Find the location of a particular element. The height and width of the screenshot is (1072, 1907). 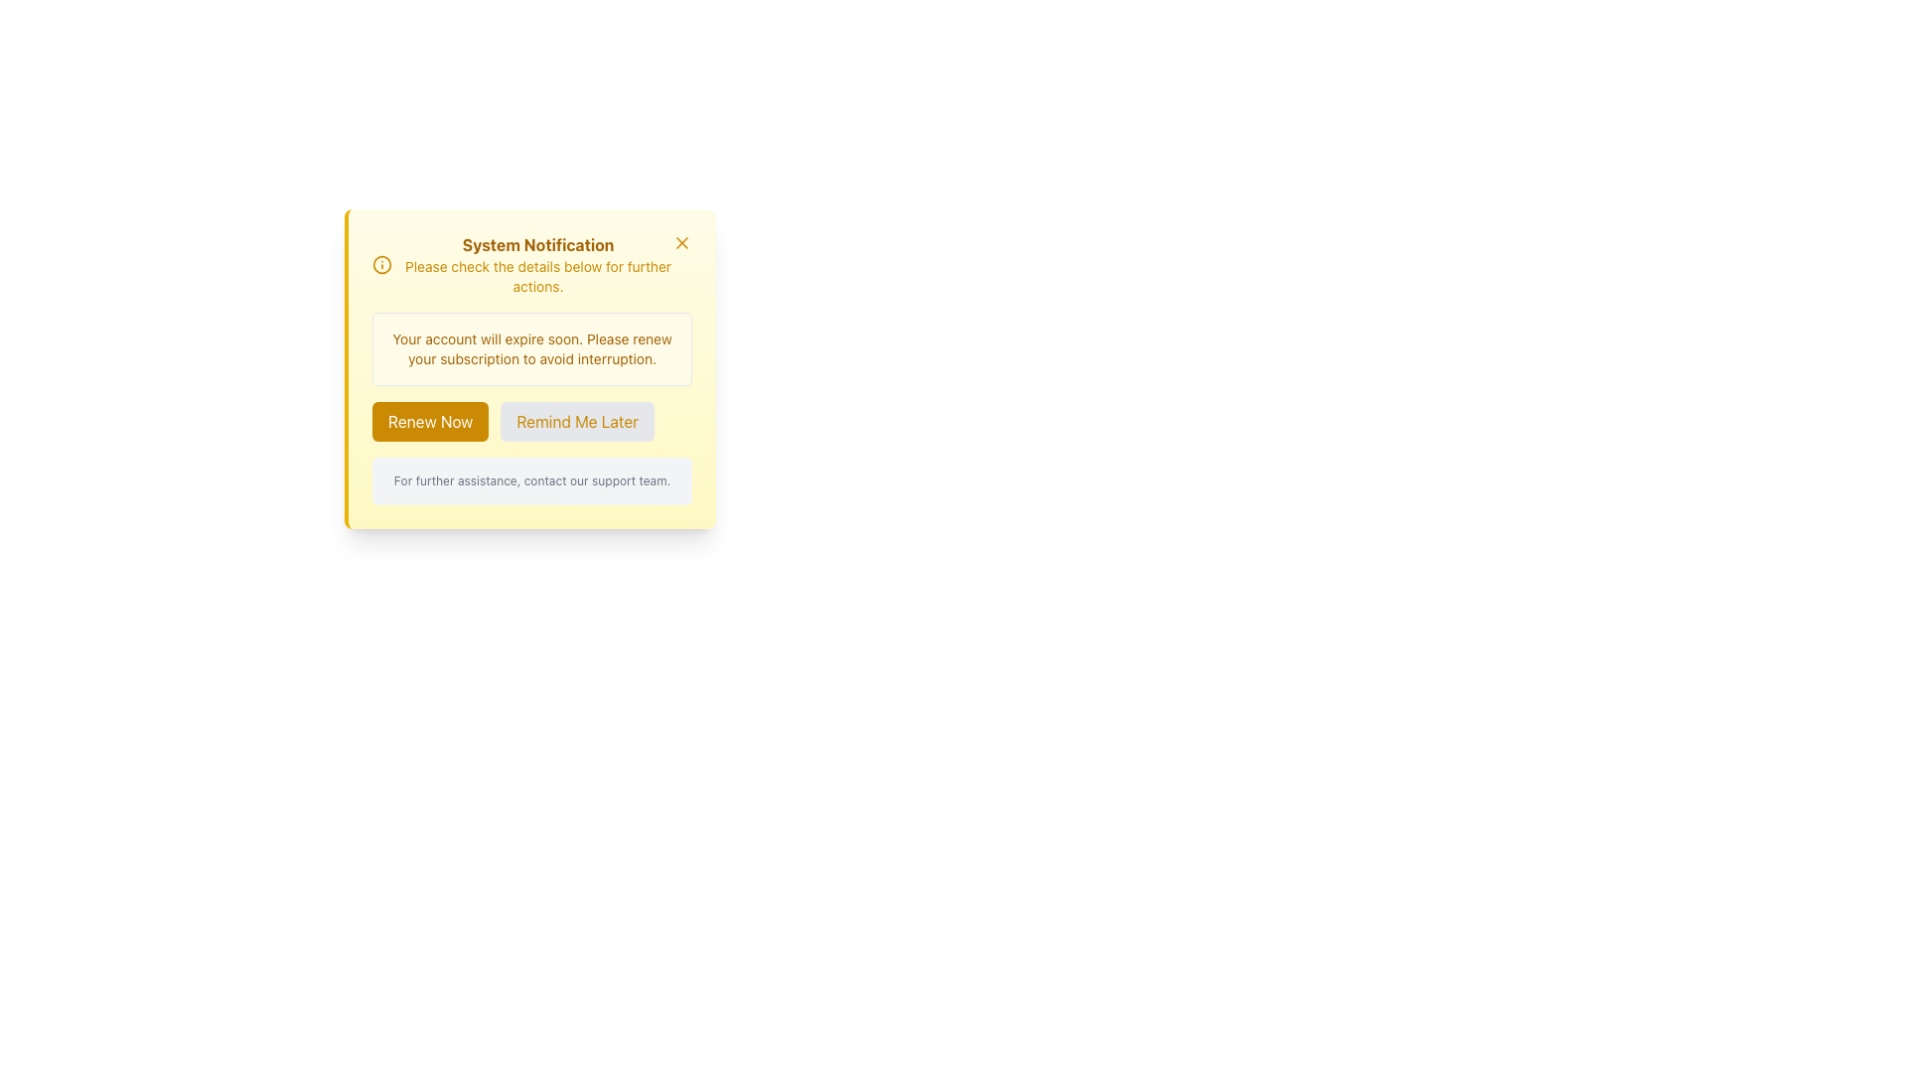

the header and subtext informational layout of the notification card located at the top left of the main modal area, which is directly beneath the information icon is located at coordinates (538, 263).